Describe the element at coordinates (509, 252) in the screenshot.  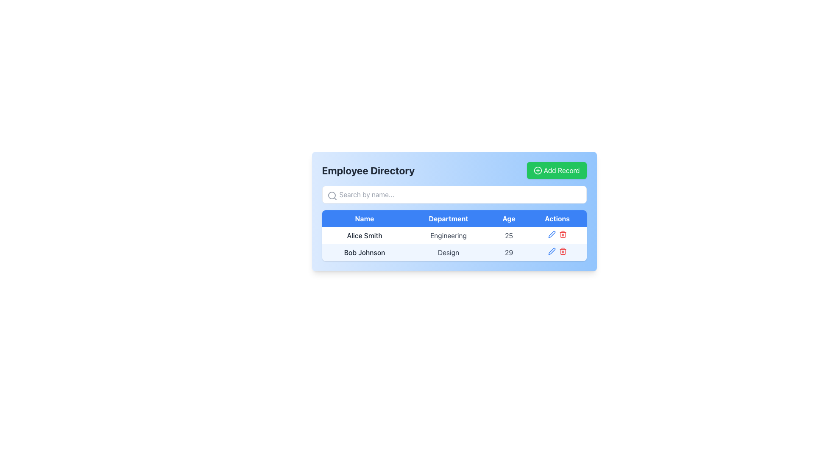
I see `the static text displaying '29' for 'Bob Johnson', which is located in the 'Age' column, between 'Design' and 'Actions'` at that location.